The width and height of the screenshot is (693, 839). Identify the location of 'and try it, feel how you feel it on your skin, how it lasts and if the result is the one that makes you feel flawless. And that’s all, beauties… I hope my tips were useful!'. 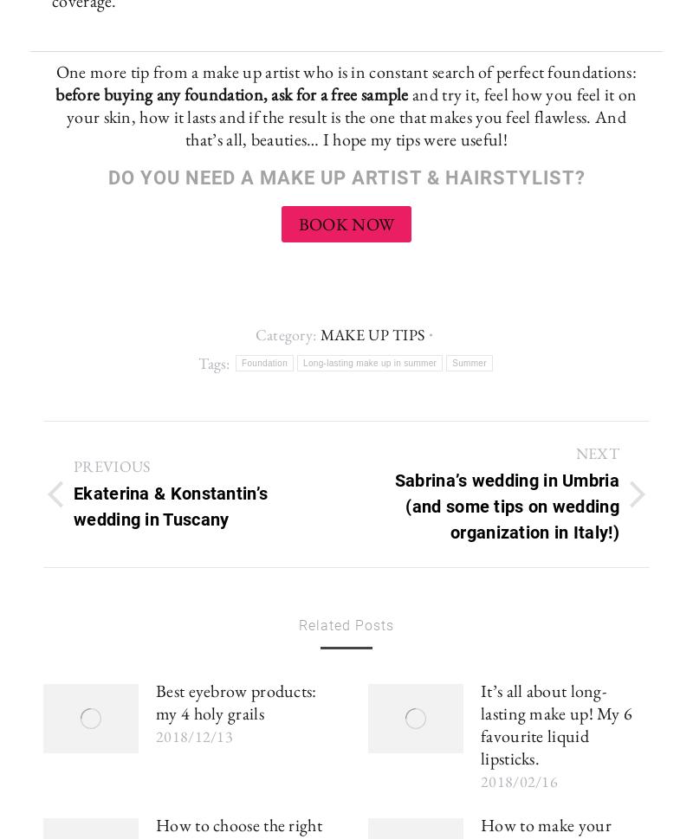
(67, 115).